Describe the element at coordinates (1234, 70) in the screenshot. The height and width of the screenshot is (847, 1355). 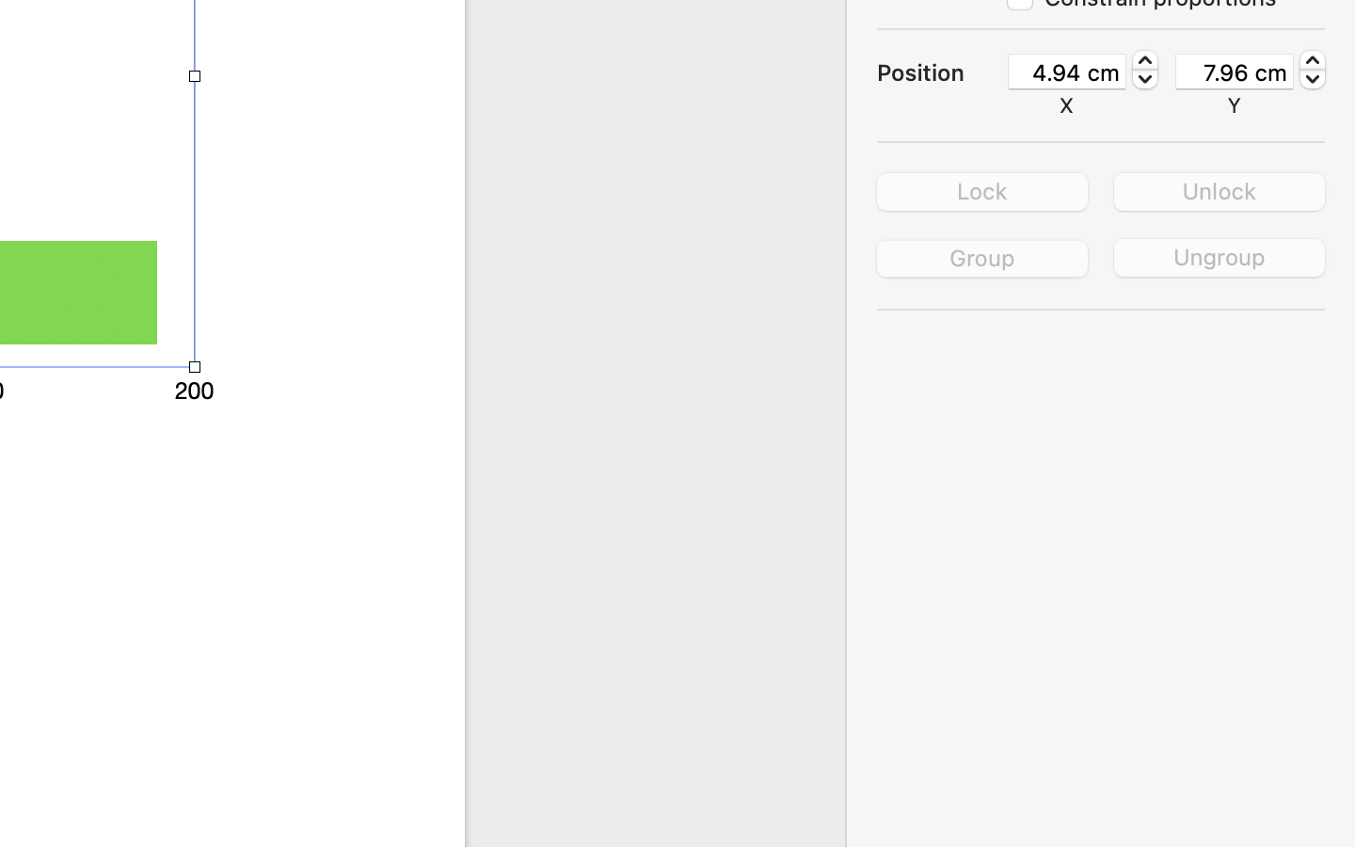
I see `'7.96 cm'` at that location.